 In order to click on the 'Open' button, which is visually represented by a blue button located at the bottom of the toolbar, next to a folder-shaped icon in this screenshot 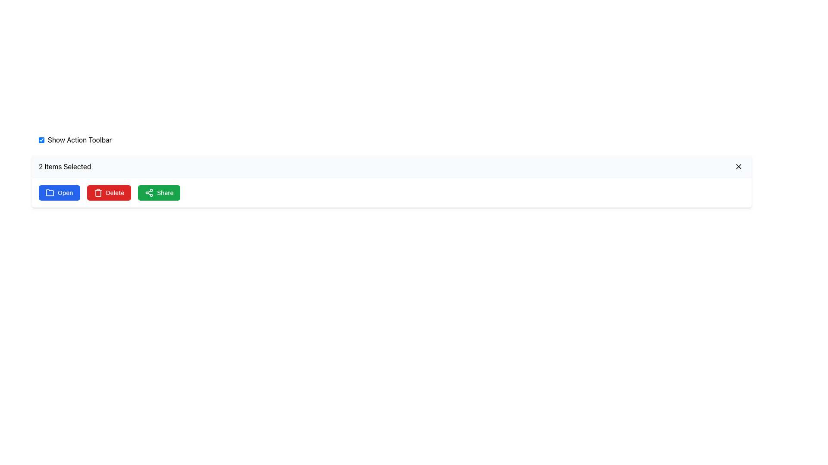, I will do `click(49, 192)`.